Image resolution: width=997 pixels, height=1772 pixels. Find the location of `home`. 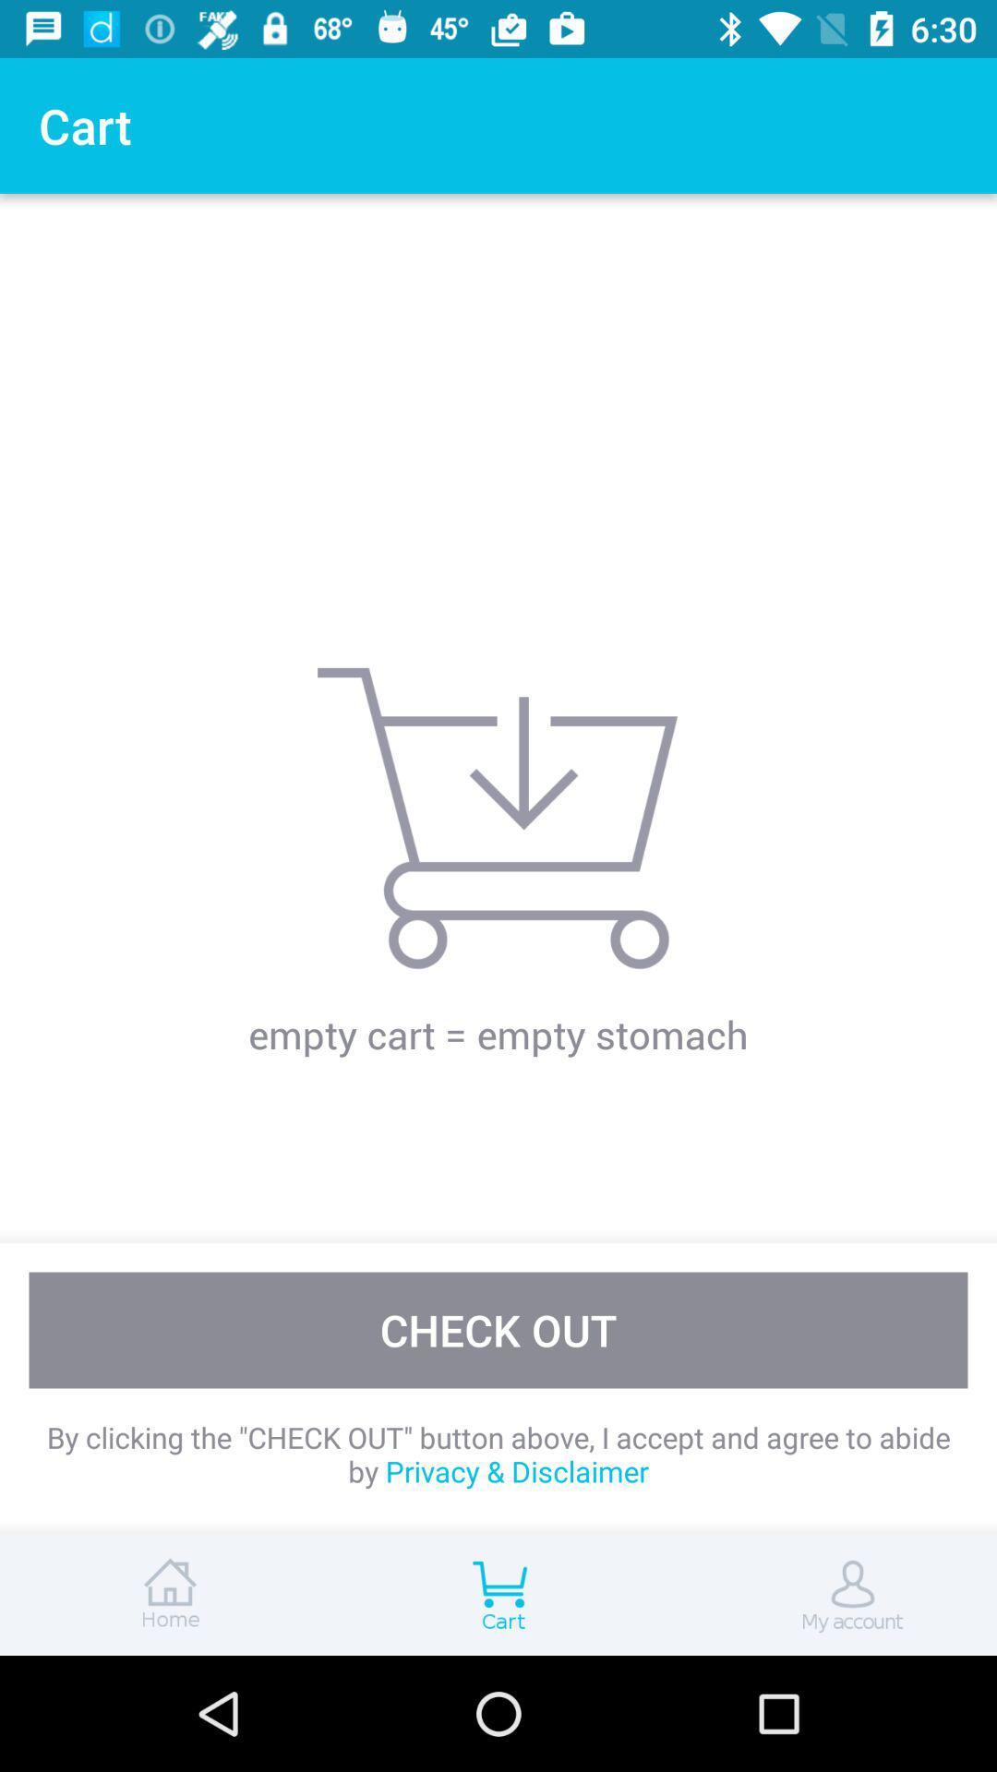

home is located at coordinates (166, 1594).